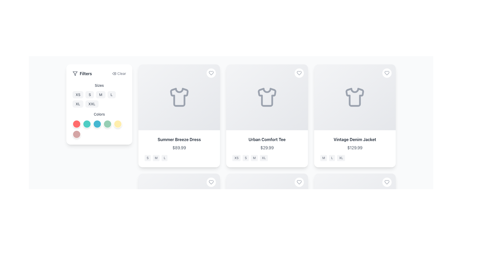 The image size is (494, 278). What do you see at coordinates (299, 182) in the screenshot?
I see `the heart-shaped icon located` at bounding box center [299, 182].